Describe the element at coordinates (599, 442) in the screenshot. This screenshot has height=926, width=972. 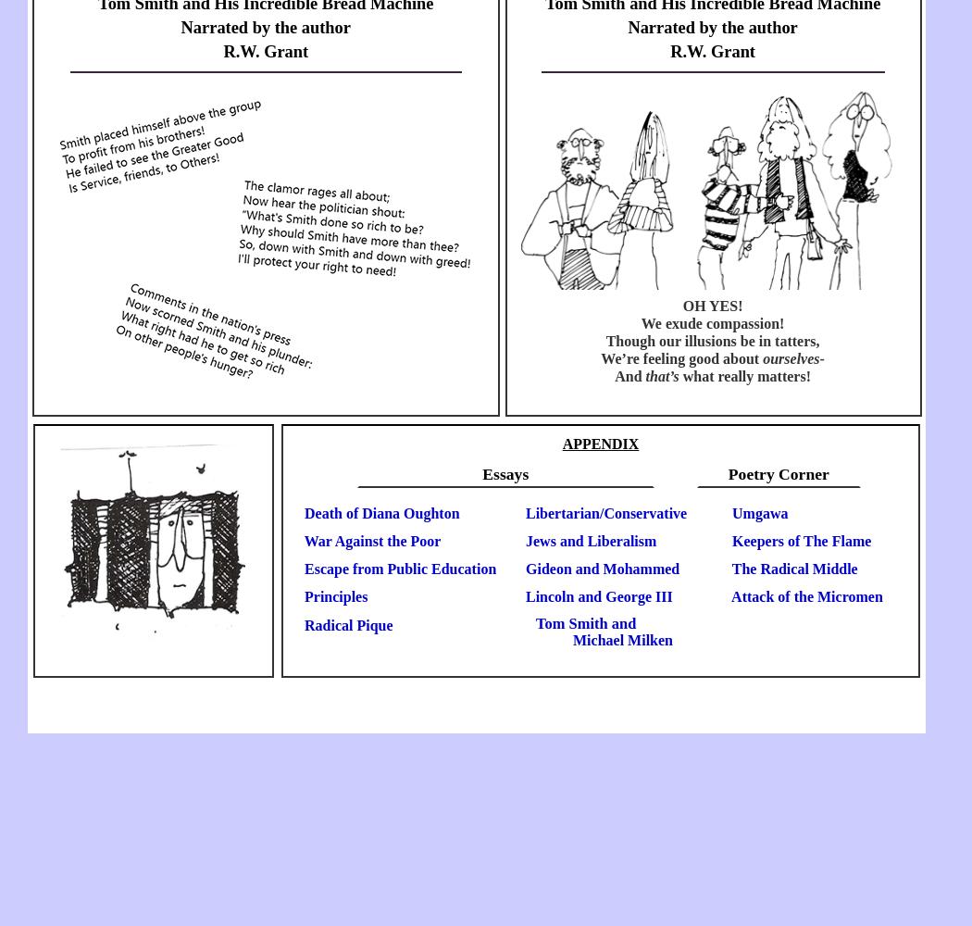
I see `'APPENDIX'` at that location.